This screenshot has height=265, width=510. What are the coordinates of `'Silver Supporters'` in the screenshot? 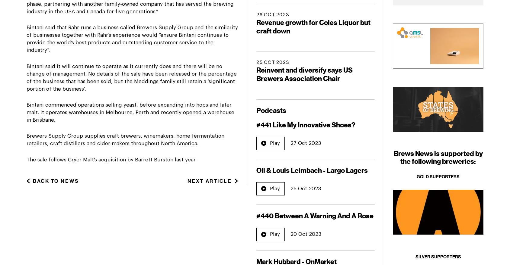 It's located at (438, 257).